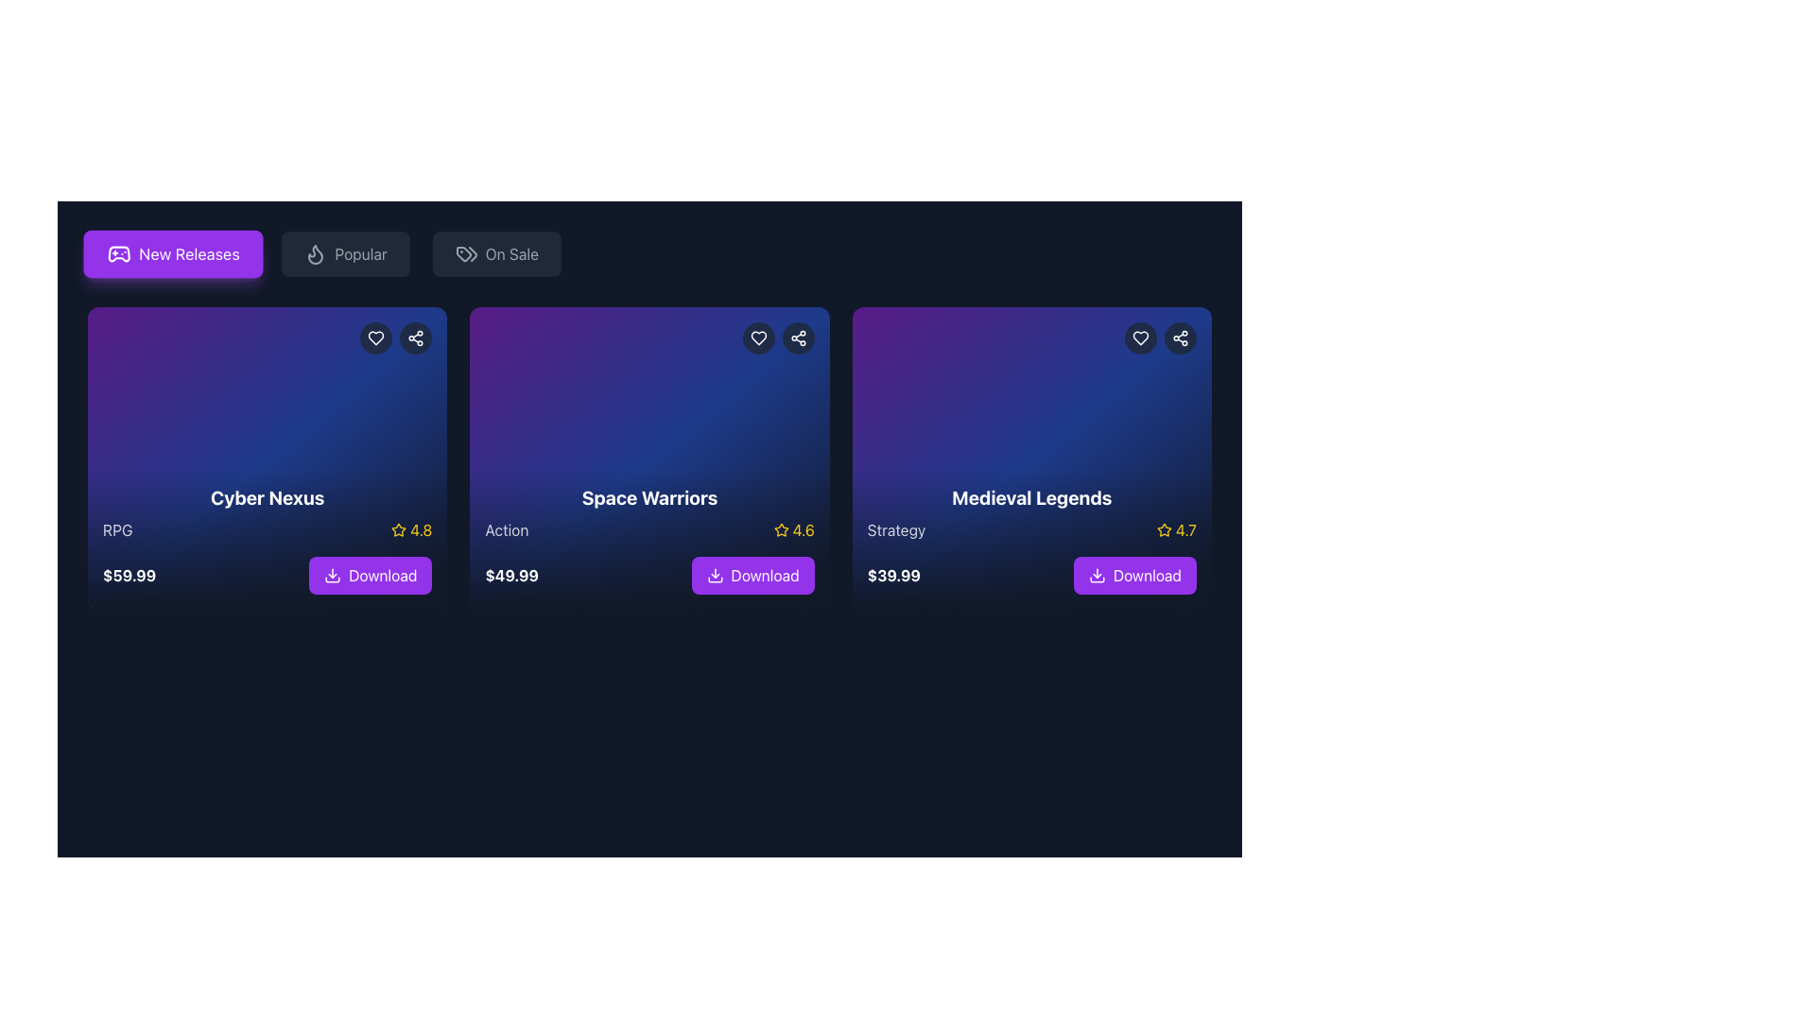 This screenshot has width=1815, height=1021. I want to click on the heart outline icon in the top-right corner of the 'Medieval Legends' game card to mark it as liked or favorited, so click(1139, 337).